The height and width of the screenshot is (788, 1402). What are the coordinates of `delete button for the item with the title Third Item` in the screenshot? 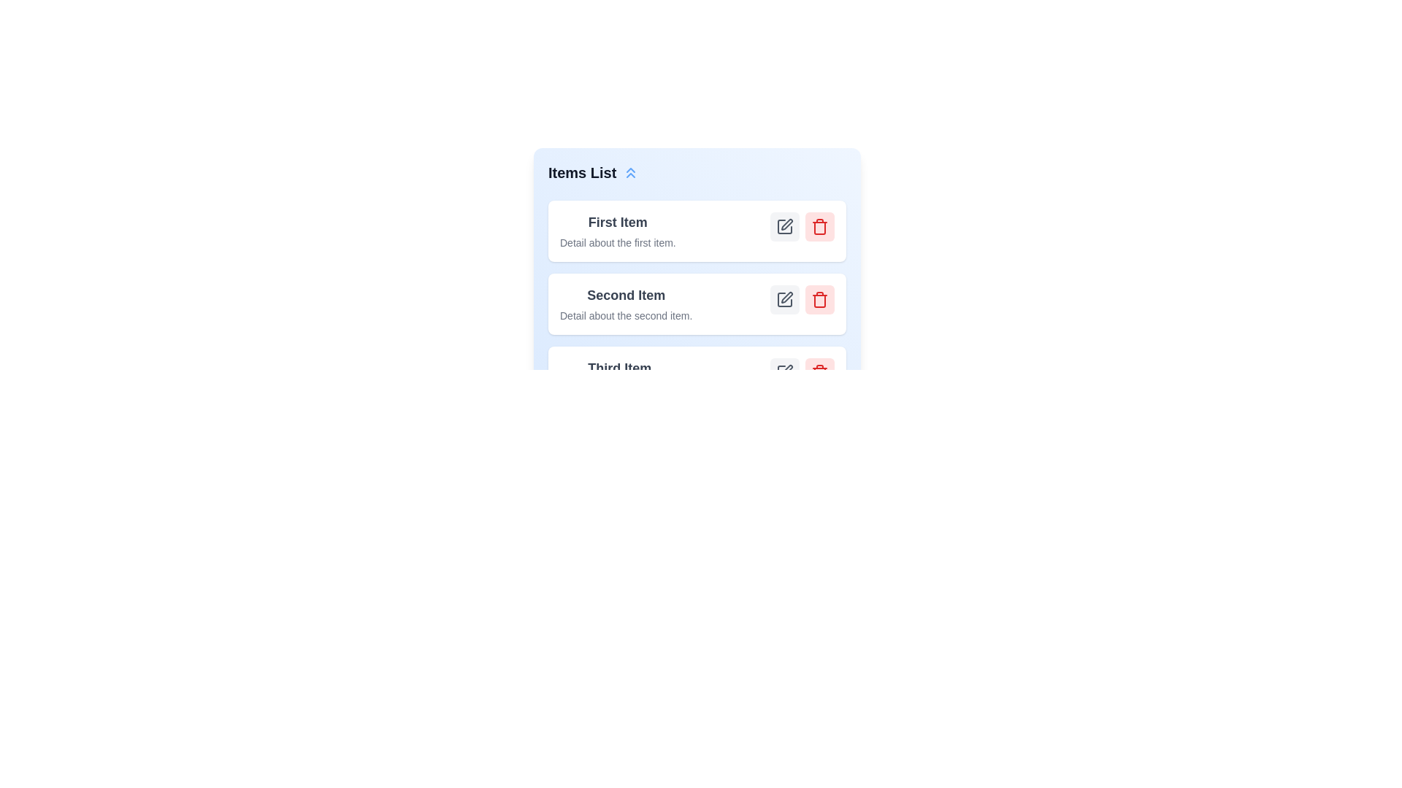 It's located at (820, 371).